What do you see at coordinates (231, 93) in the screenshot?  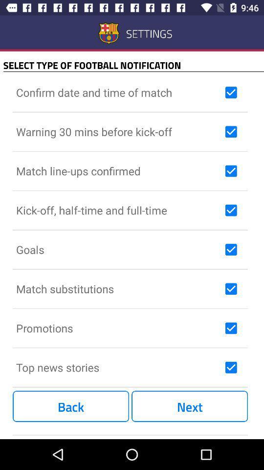 I see `check/uncheck date and time of match confirmation` at bounding box center [231, 93].